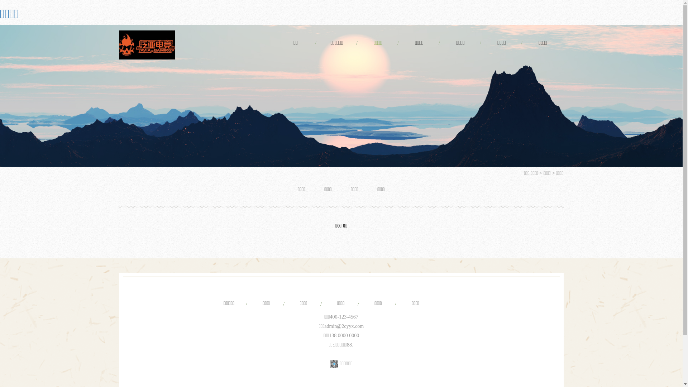  I want to click on '138 0000 0000', so click(344, 335).